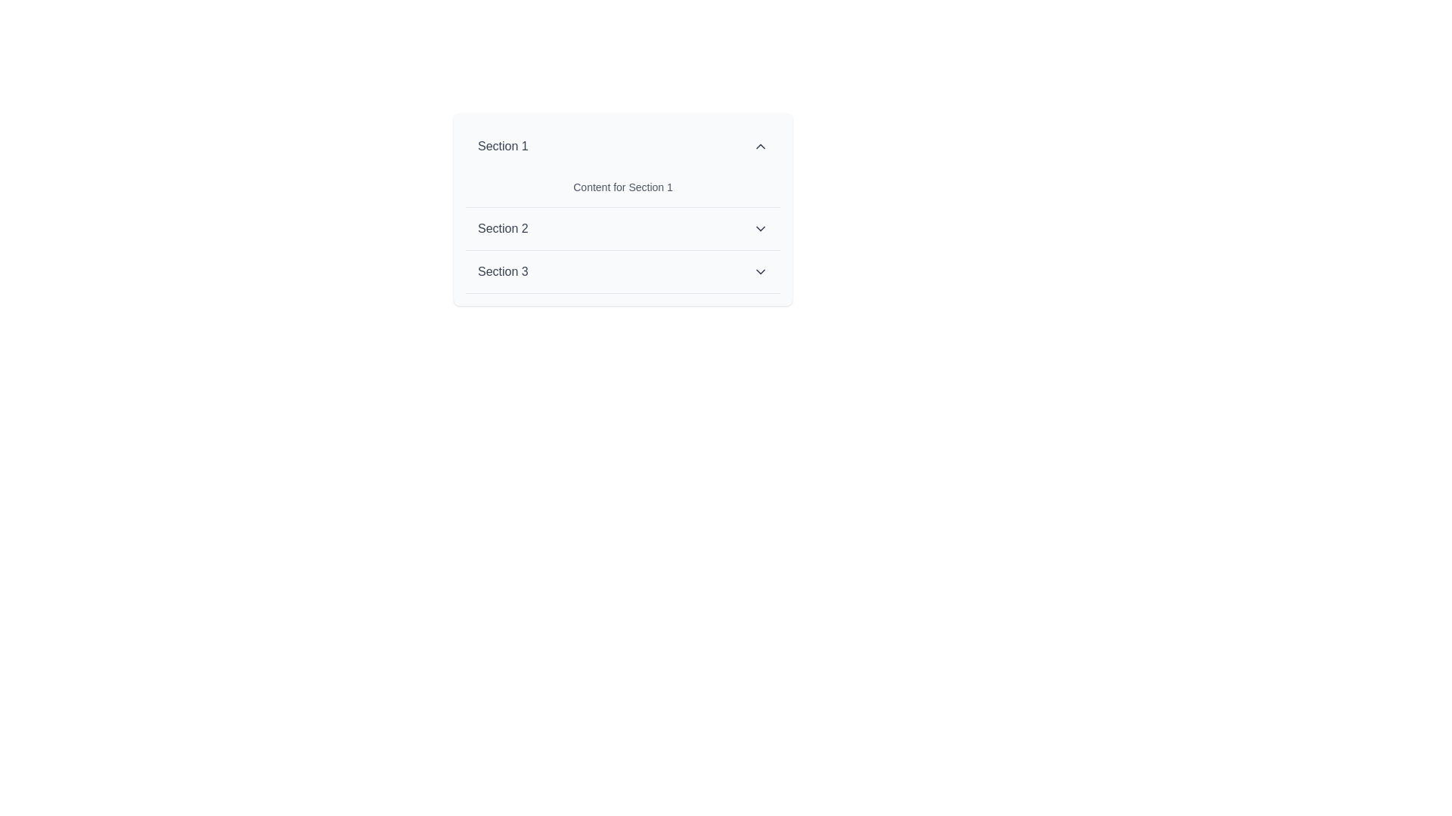 The height and width of the screenshot is (816, 1452). What do you see at coordinates (623, 186) in the screenshot?
I see `text content displayed in the Text block showing 'Content for Section 1', which is styled in gray and located beneath 'Section 1'` at bounding box center [623, 186].